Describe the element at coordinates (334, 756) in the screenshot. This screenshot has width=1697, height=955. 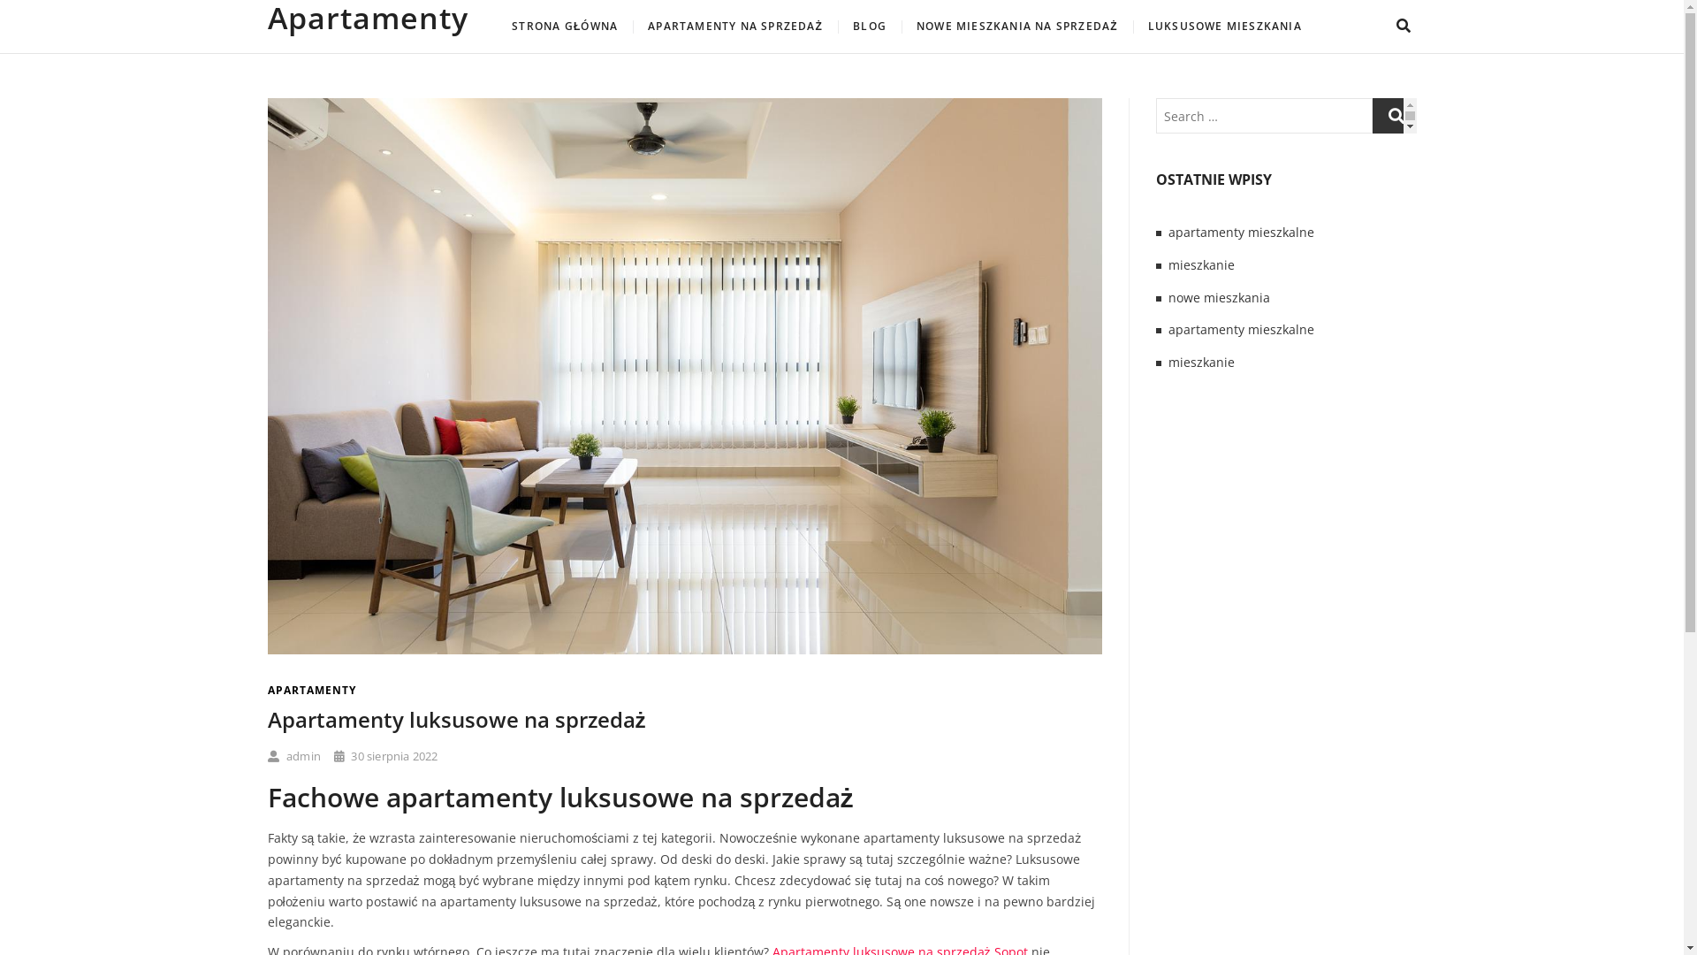
I see `'30 sierpnia 2022'` at that location.